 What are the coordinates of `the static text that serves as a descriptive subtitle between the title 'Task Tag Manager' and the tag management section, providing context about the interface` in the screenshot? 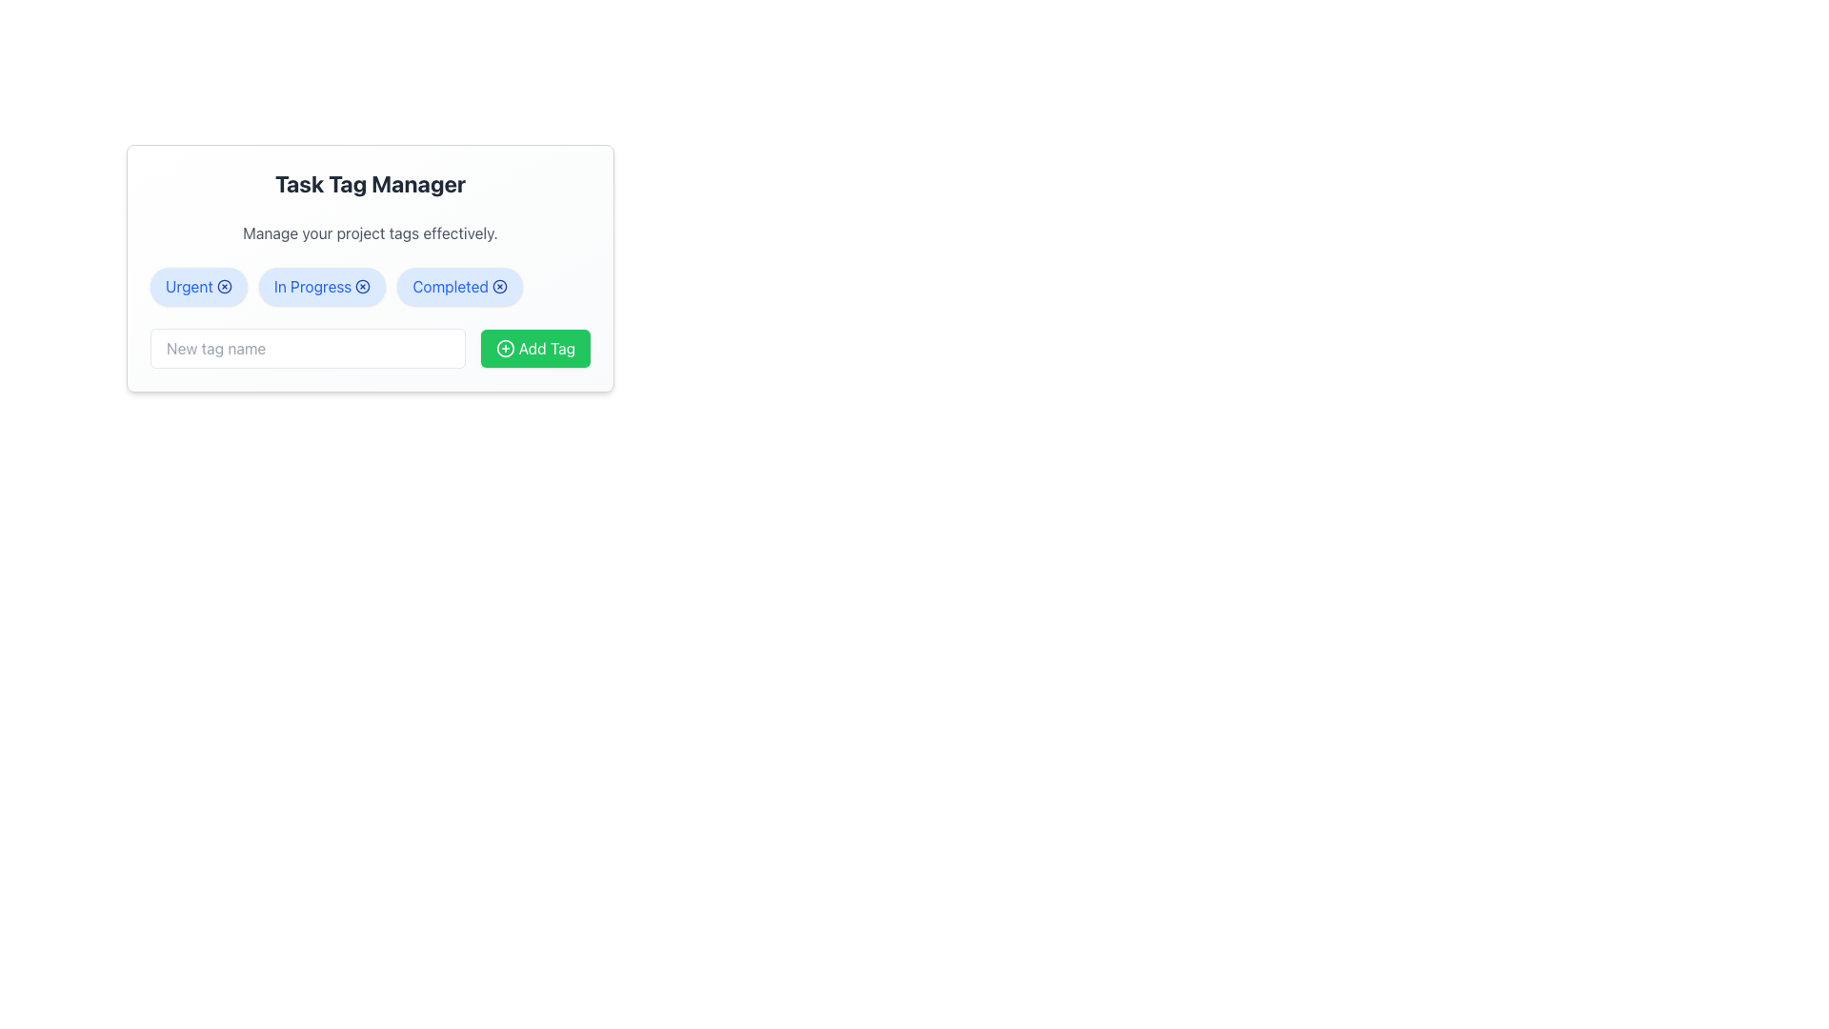 It's located at (370, 232).